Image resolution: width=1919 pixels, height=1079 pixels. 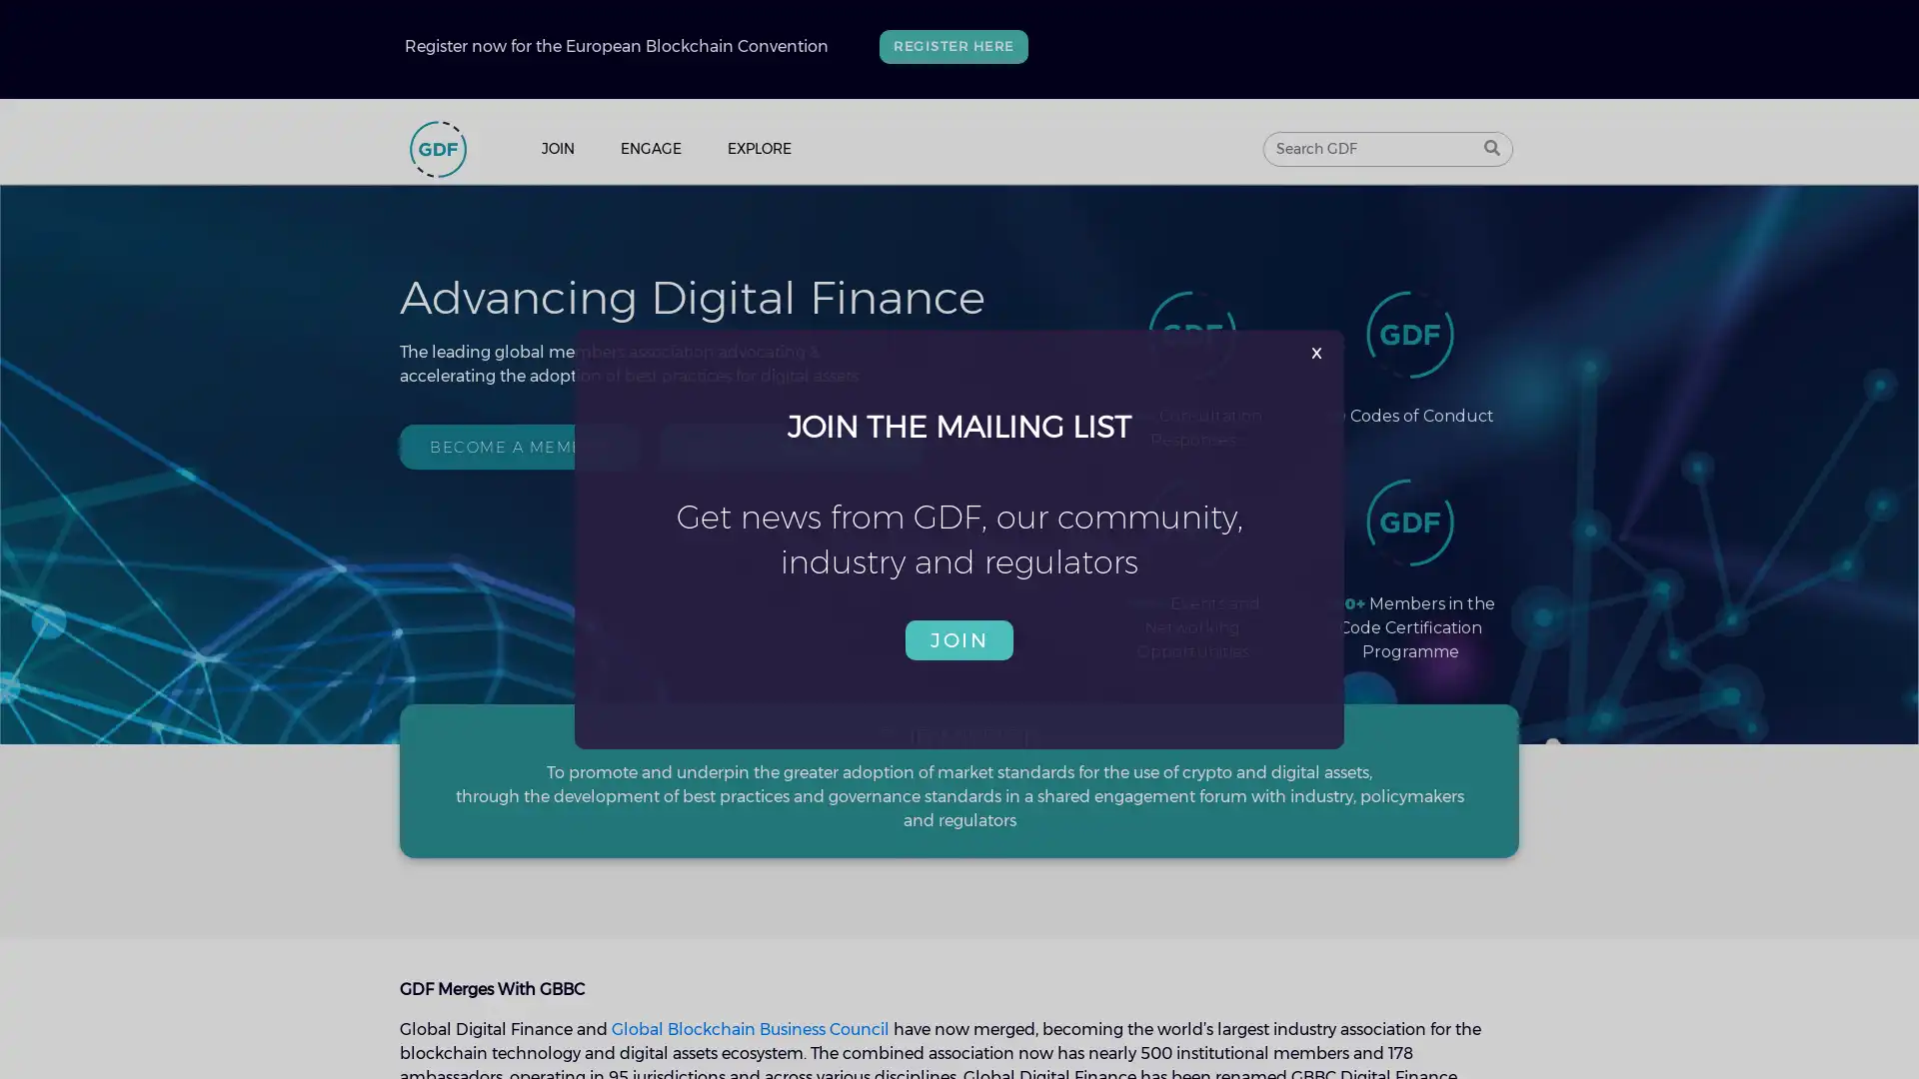 What do you see at coordinates (518, 445) in the screenshot?
I see `BECOME A MEMBER` at bounding box center [518, 445].